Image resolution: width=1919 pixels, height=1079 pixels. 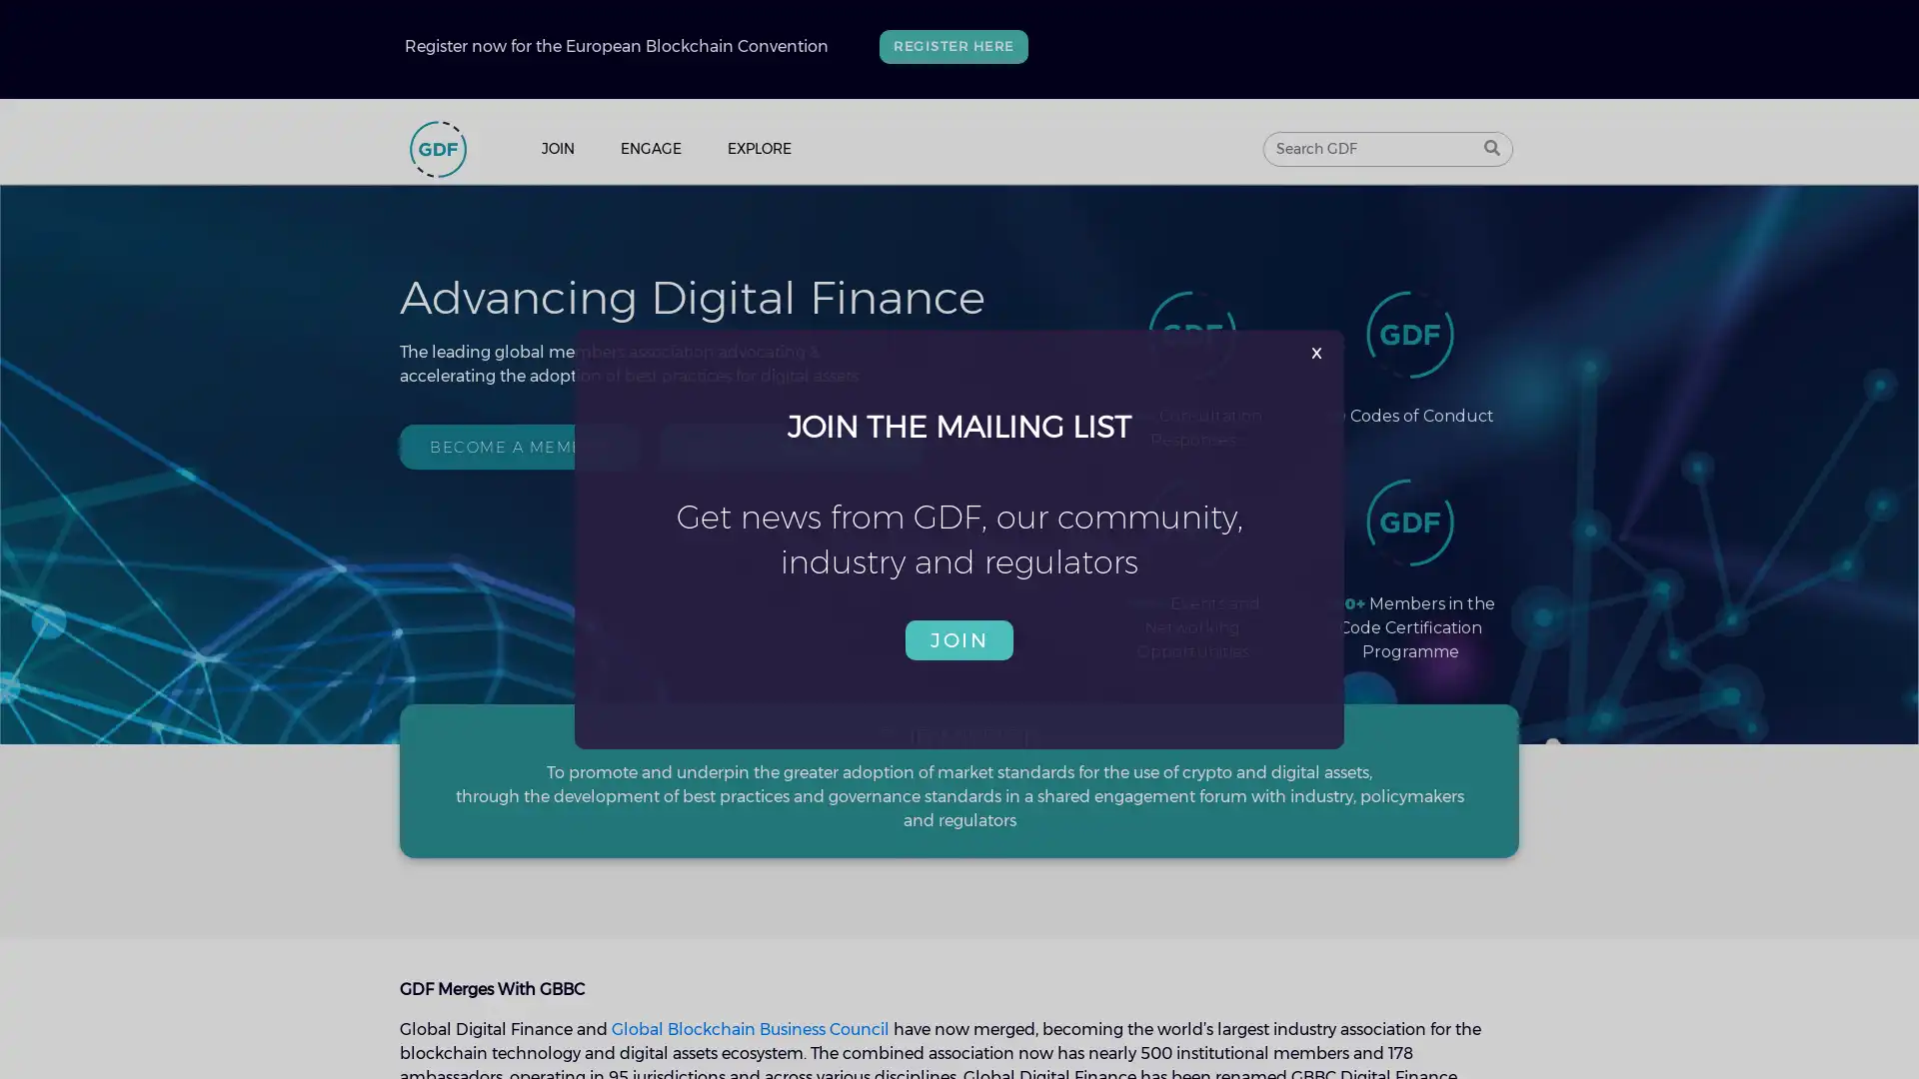 What do you see at coordinates (518, 445) in the screenshot?
I see `BECOME A MEMBER` at bounding box center [518, 445].